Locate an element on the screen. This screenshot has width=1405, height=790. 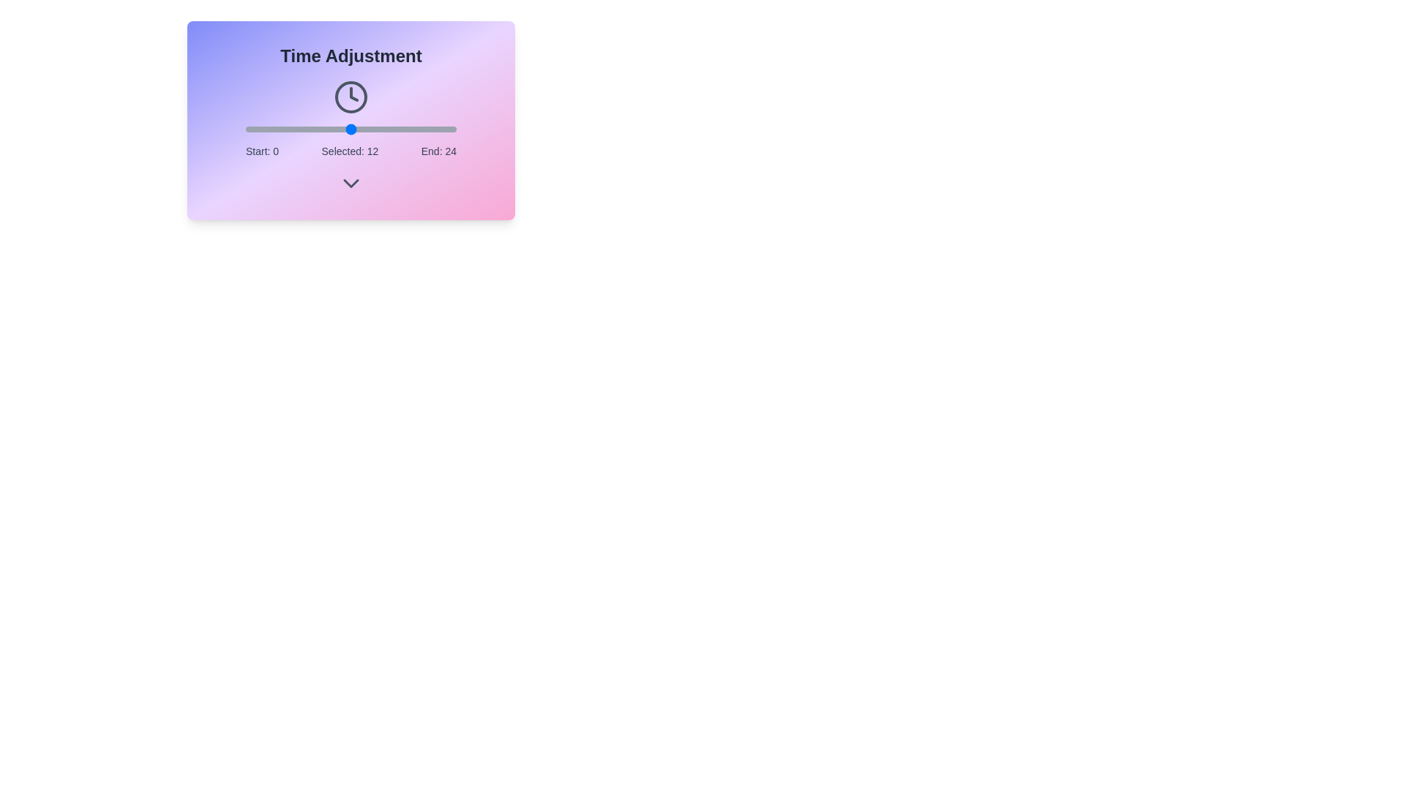
down chevron icon is located at coordinates (351, 182).